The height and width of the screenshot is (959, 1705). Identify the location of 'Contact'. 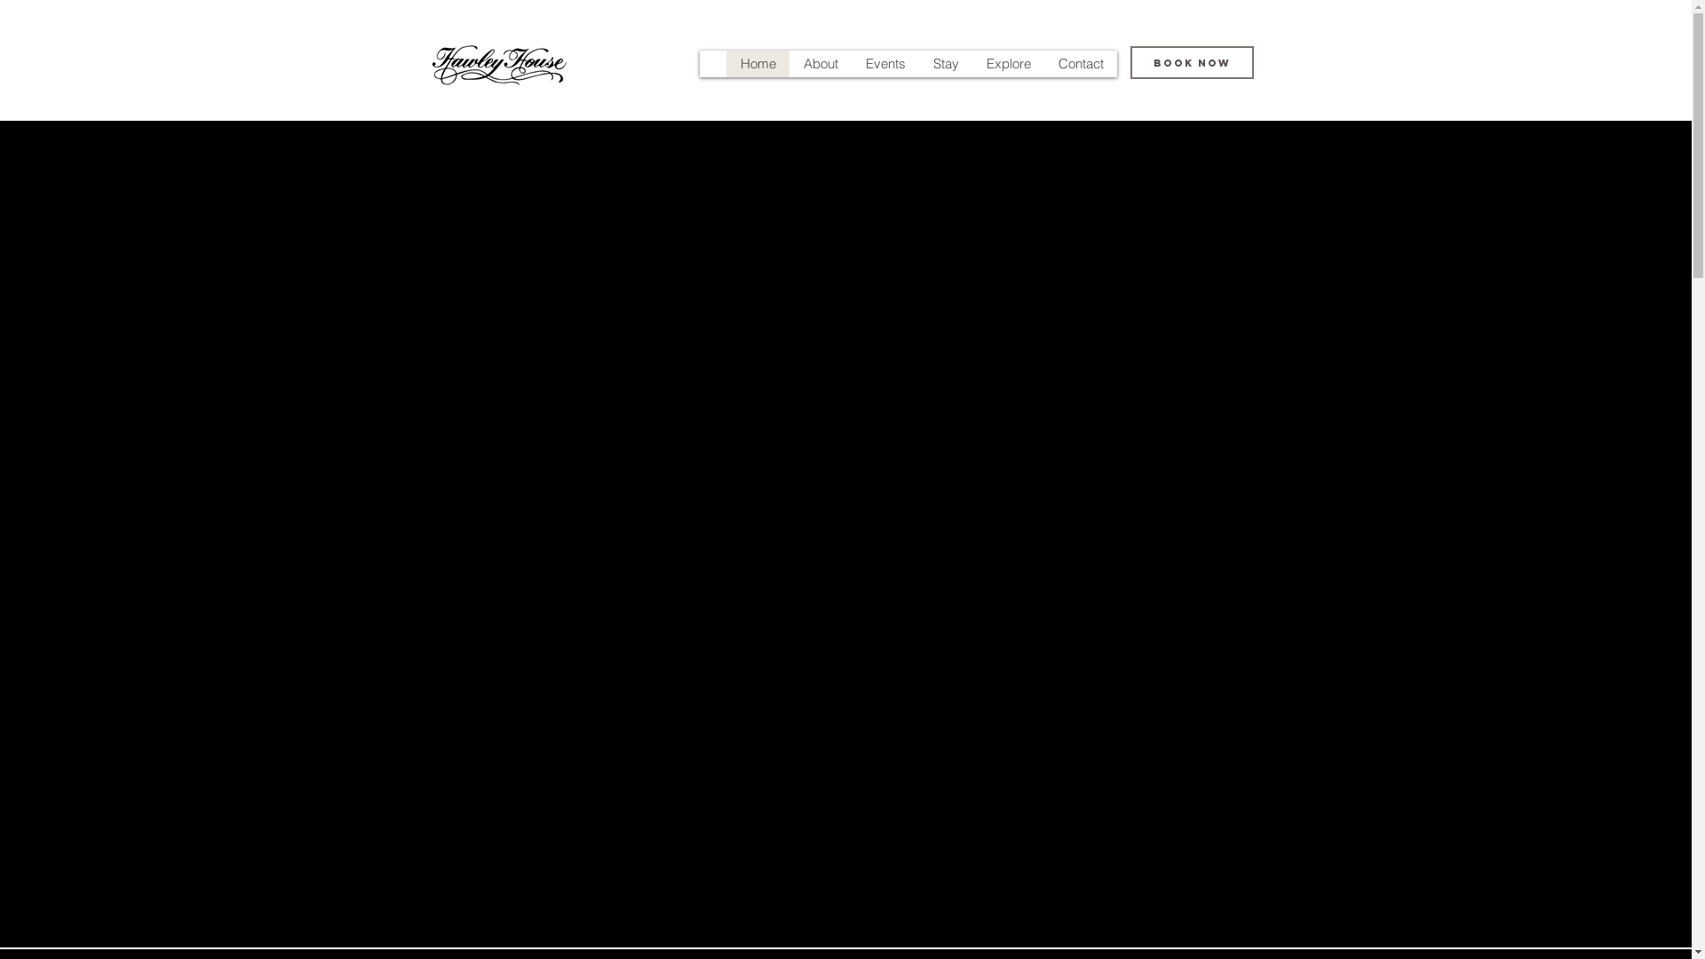
(1044, 63).